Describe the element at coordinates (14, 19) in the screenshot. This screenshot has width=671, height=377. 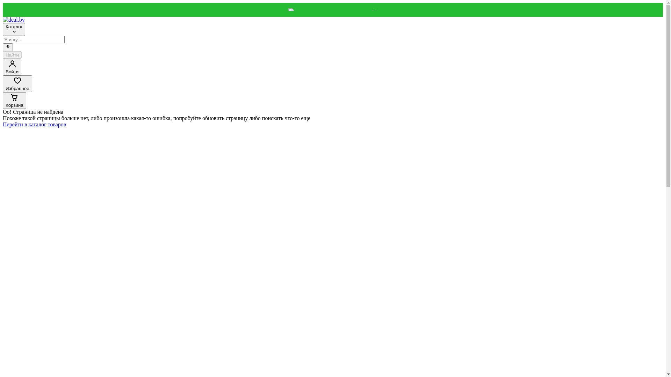
I see `'deal.by'` at that location.